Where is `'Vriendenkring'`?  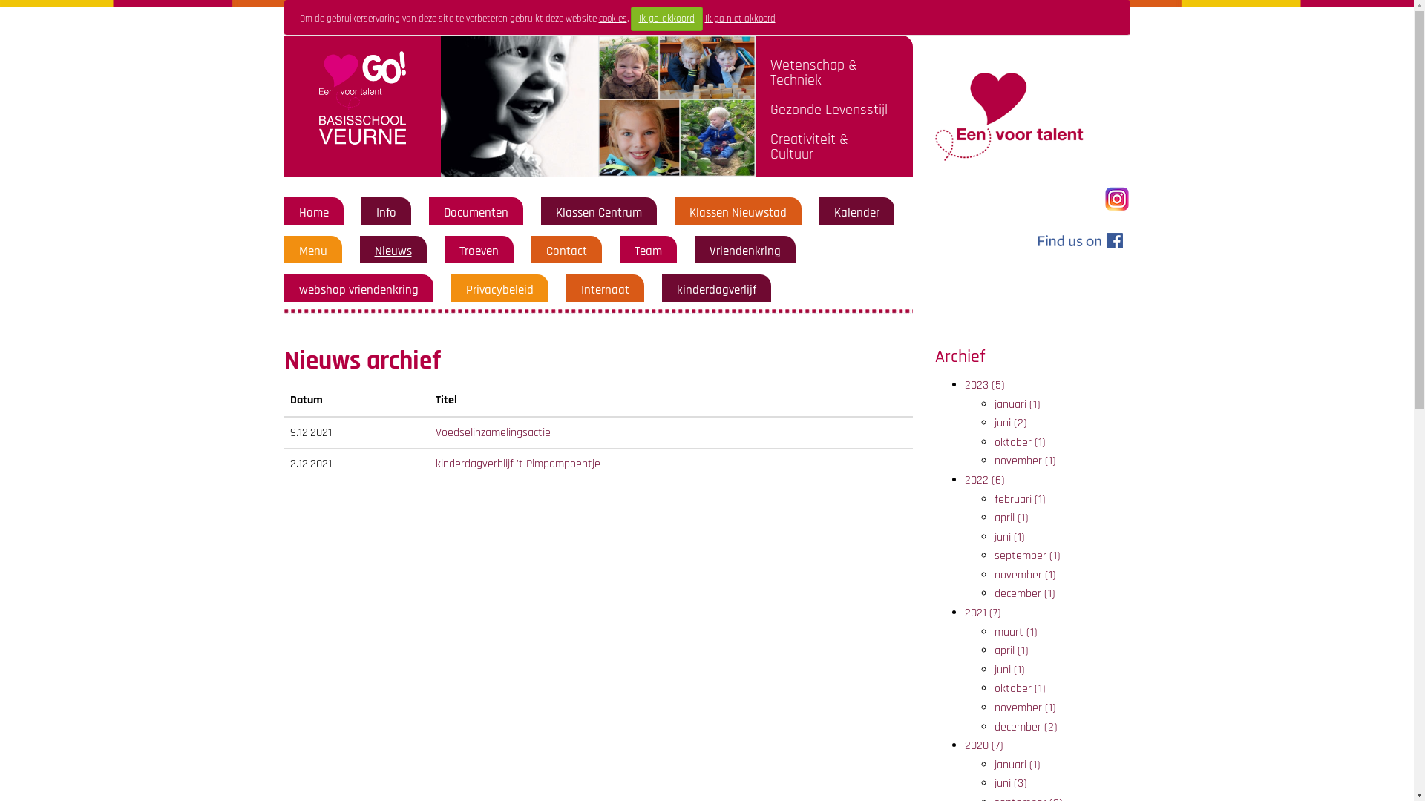 'Vriendenkring' is located at coordinates (744, 251).